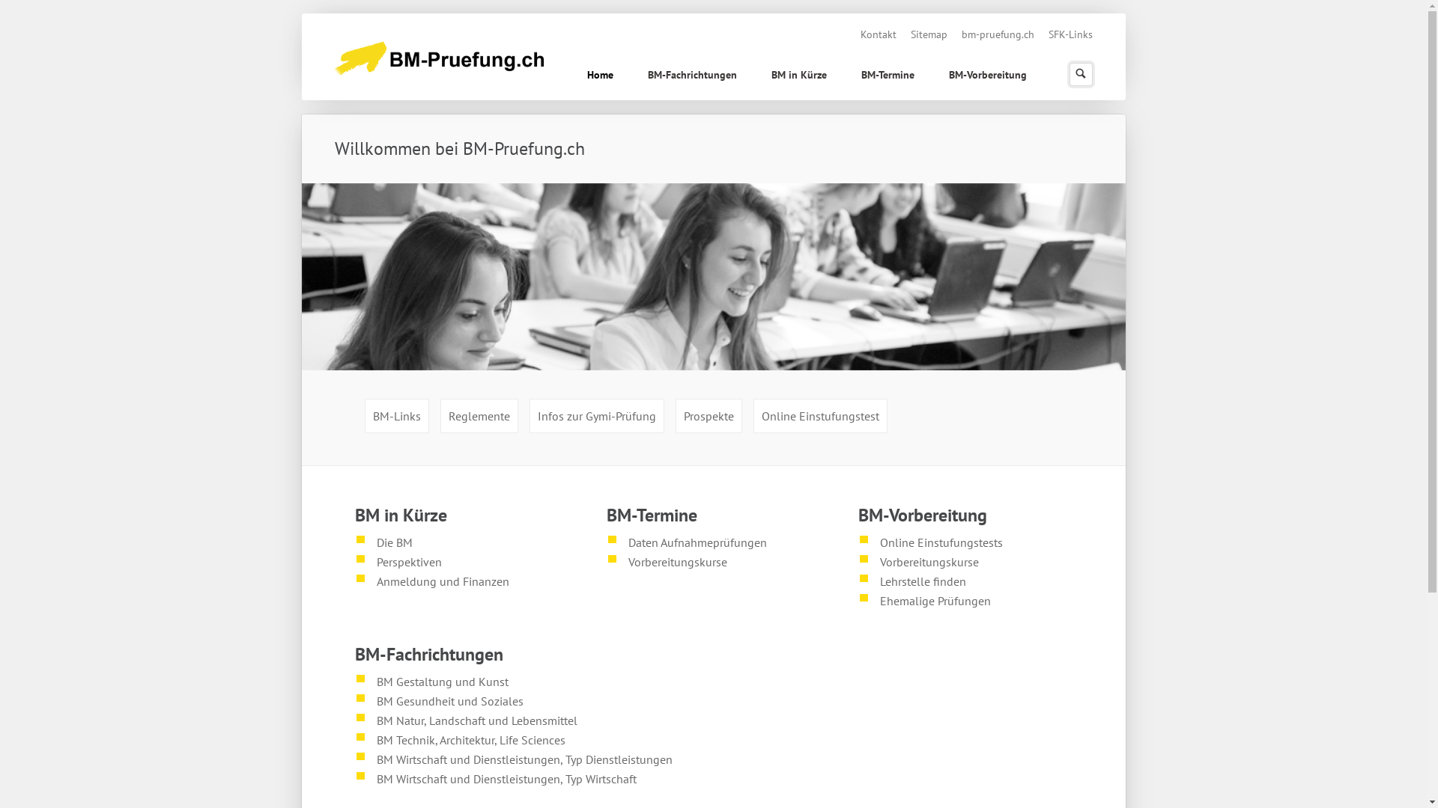 The width and height of the screenshot is (1438, 808). Describe the element at coordinates (377, 720) in the screenshot. I see `'BM Natur, Landschaft und Lebensmittel'` at that location.